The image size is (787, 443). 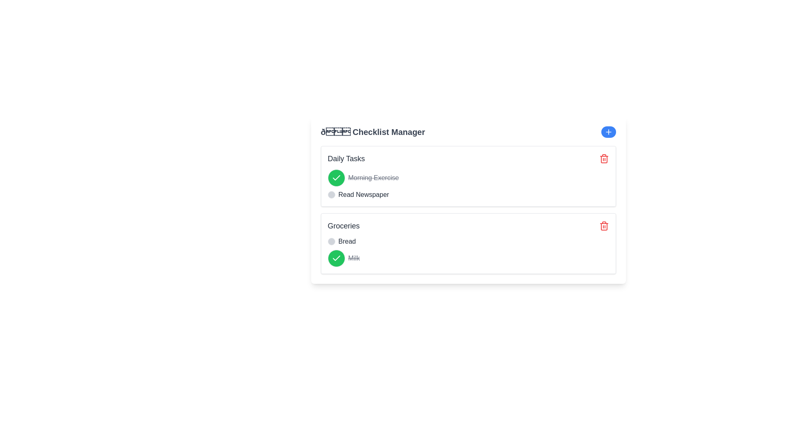 I want to click on the text label displaying '🌟 Checklist Manager', which is a bold, large, dark gray title positioned in the upper-left section of the main content area, so click(x=372, y=131).